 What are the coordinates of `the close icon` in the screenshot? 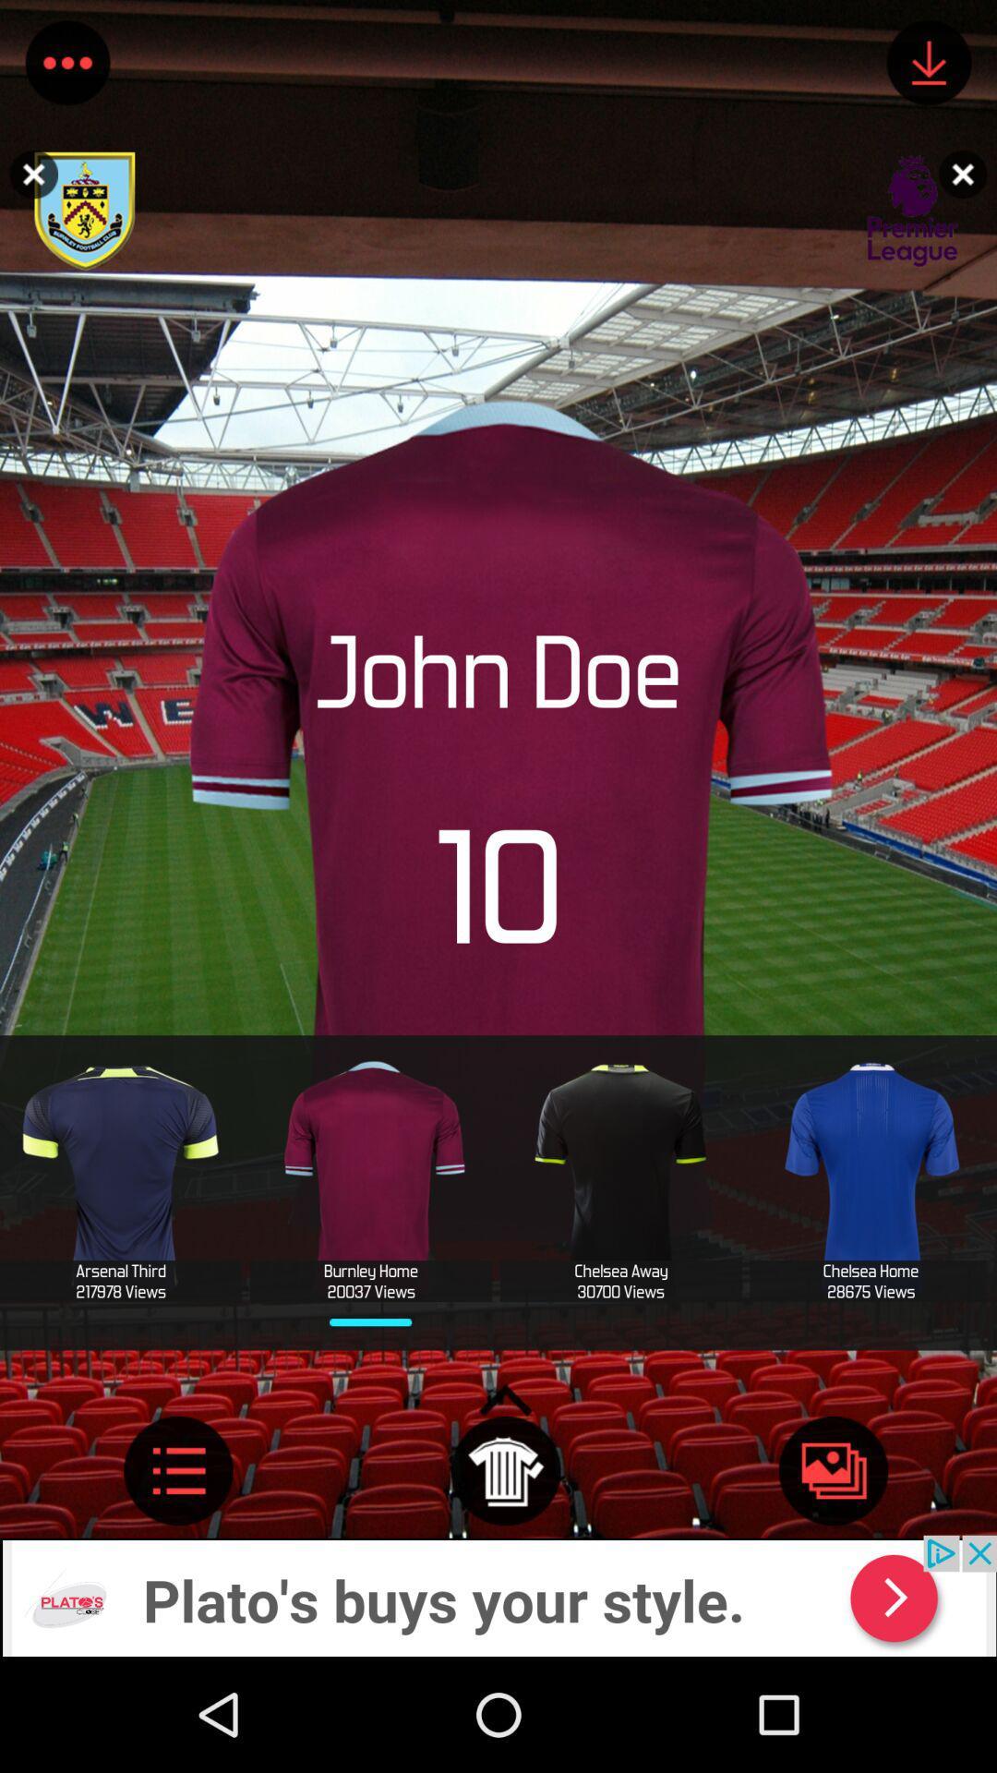 It's located at (967, 174).